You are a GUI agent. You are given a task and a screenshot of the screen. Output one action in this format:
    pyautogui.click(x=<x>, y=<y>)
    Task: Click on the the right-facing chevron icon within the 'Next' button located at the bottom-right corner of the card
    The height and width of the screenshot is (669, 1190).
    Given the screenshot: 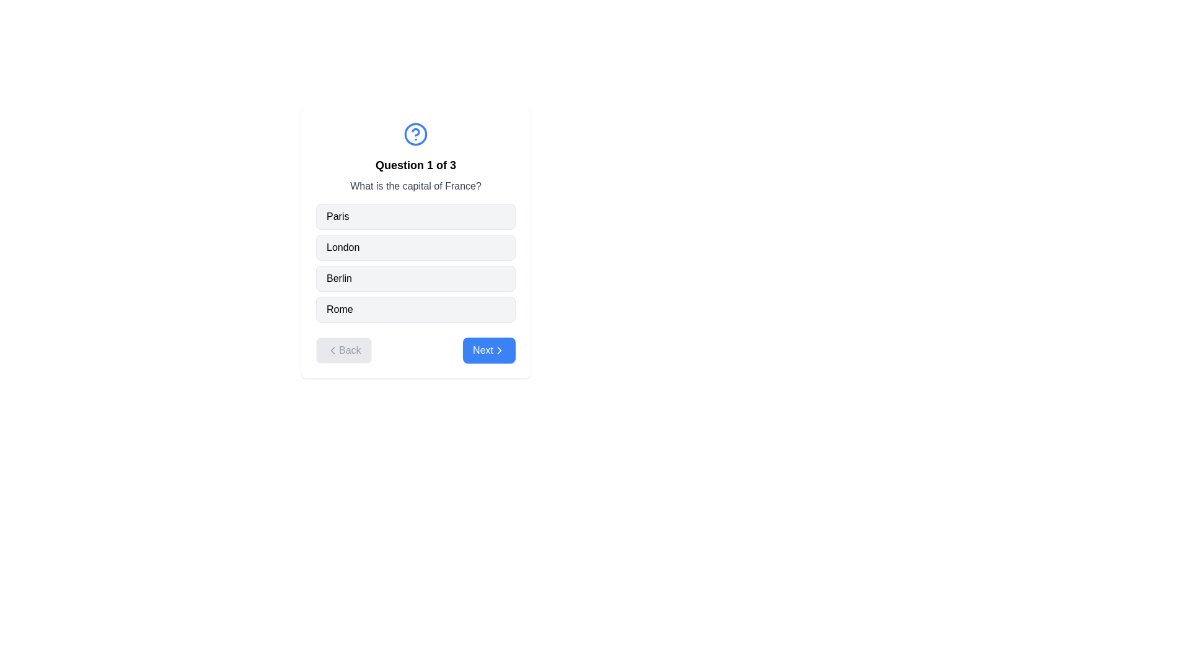 What is the action you would take?
    pyautogui.click(x=500, y=351)
    